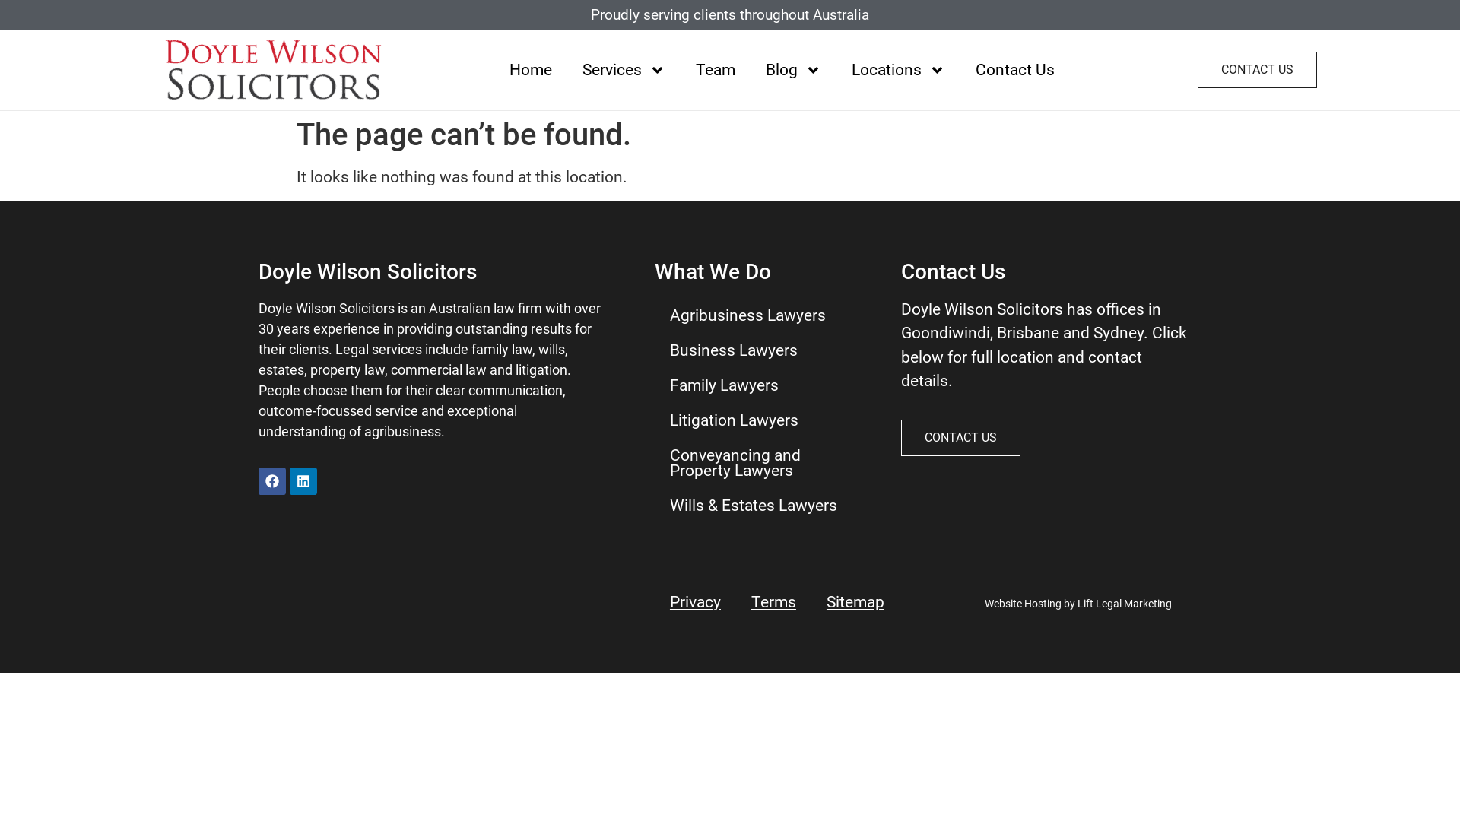  Describe the element at coordinates (773, 601) in the screenshot. I see `'Terms'` at that location.